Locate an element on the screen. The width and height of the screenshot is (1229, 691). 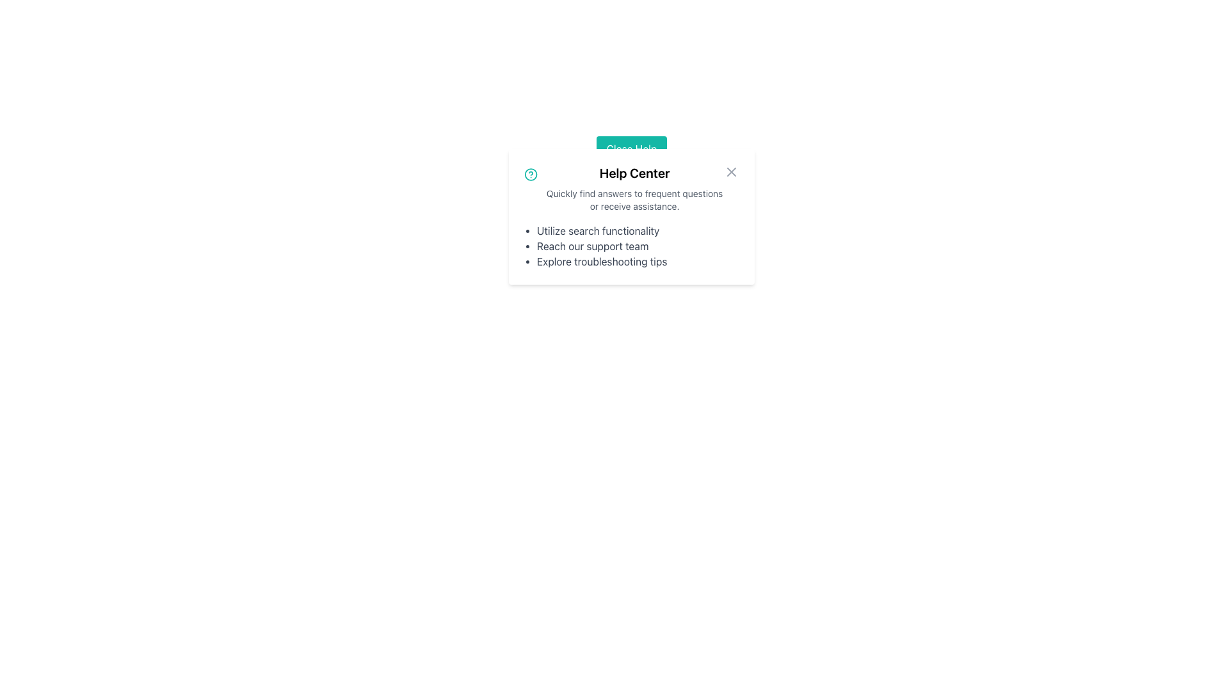
the text label that reads 'Utilize search functionality', which is the first item in a bulleted list within the 'Help Center' interface is located at coordinates (638, 231).